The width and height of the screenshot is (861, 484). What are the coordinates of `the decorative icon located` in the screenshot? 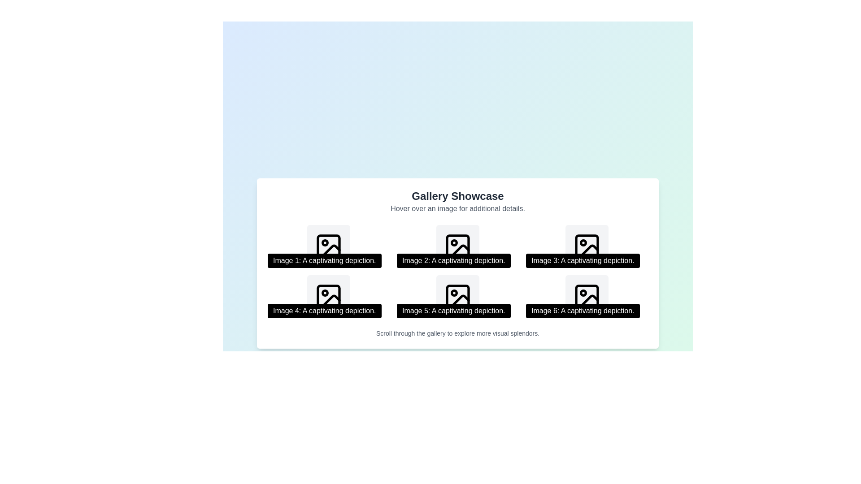 It's located at (328, 246).